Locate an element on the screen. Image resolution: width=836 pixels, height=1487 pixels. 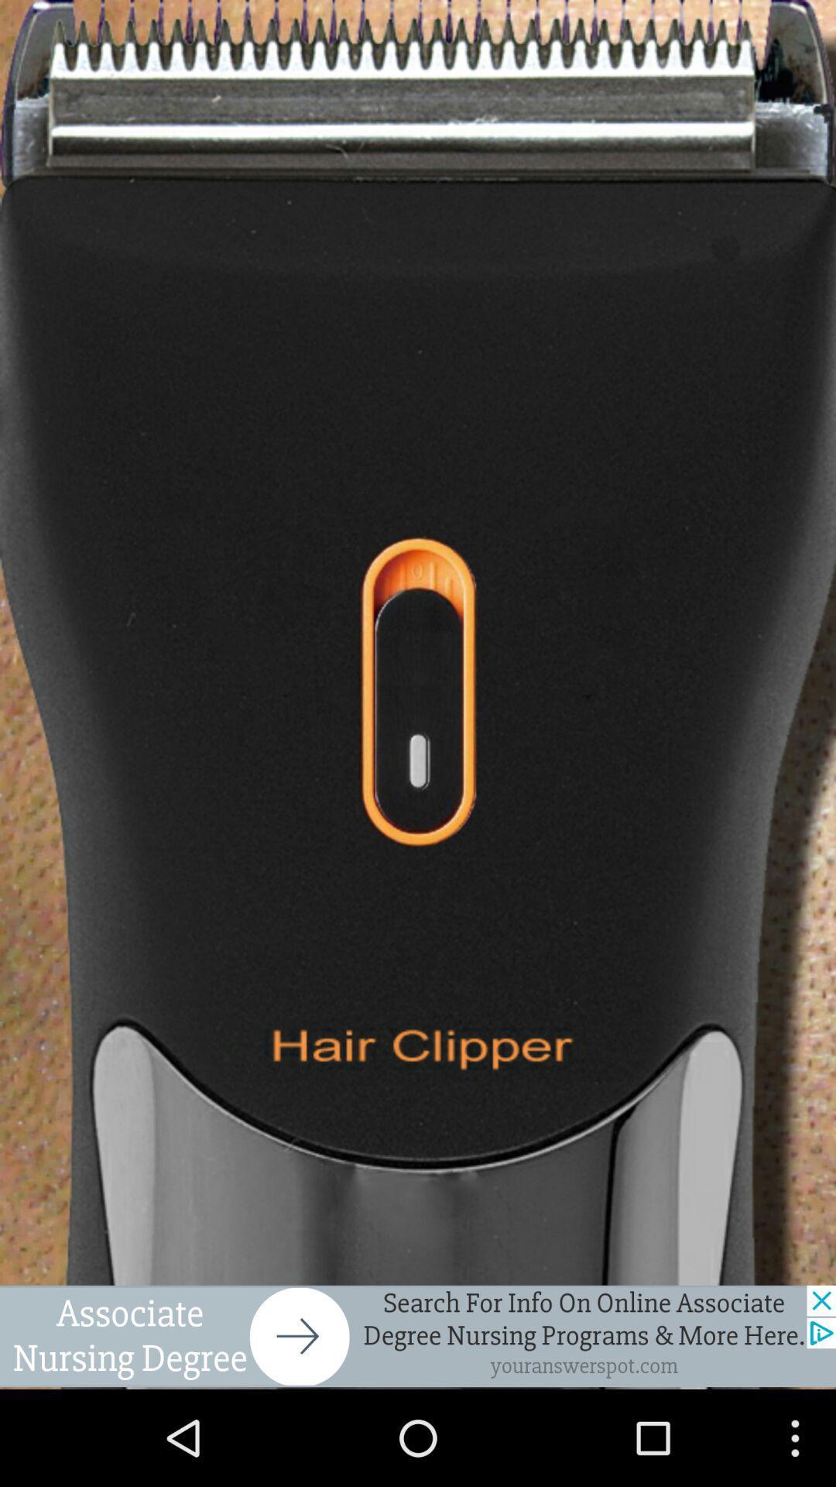
turn on hair clipper is located at coordinates (418, 694).